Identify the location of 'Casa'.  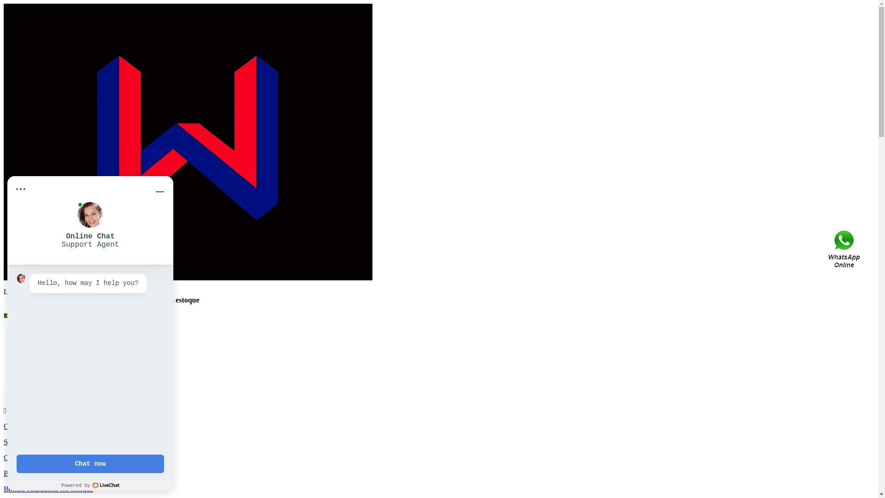
(29, 331).